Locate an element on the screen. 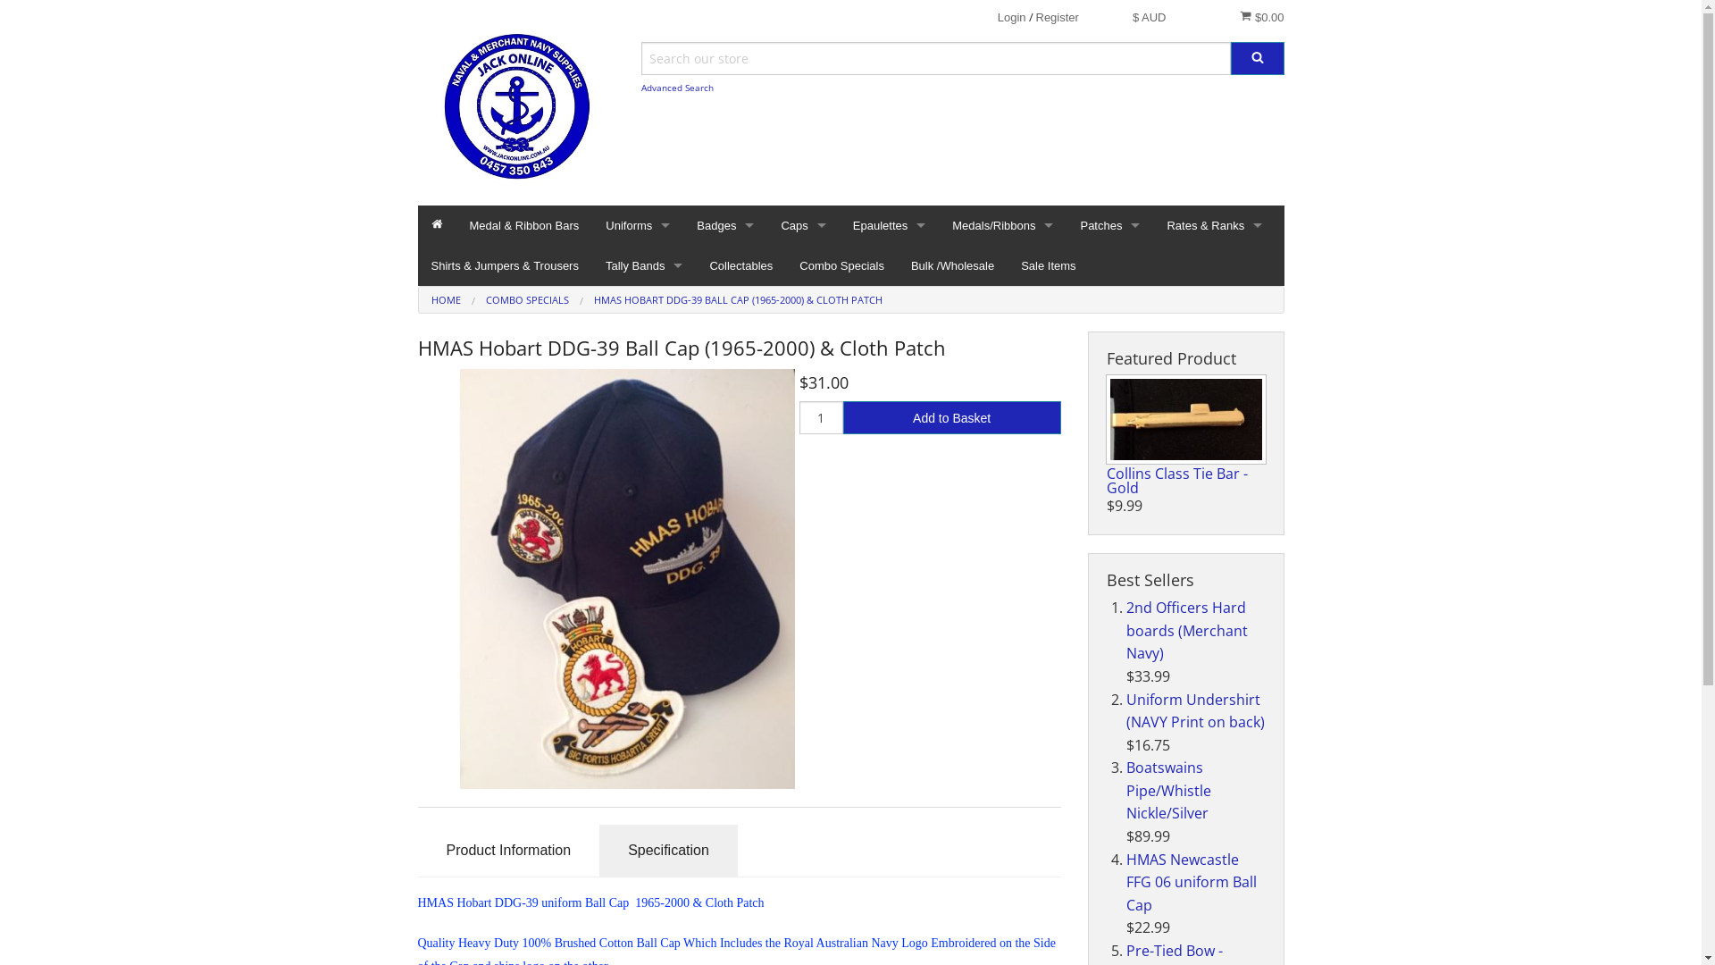  'Collins Class Tie Bar - Gold' is located at coordinates (1175, 479).